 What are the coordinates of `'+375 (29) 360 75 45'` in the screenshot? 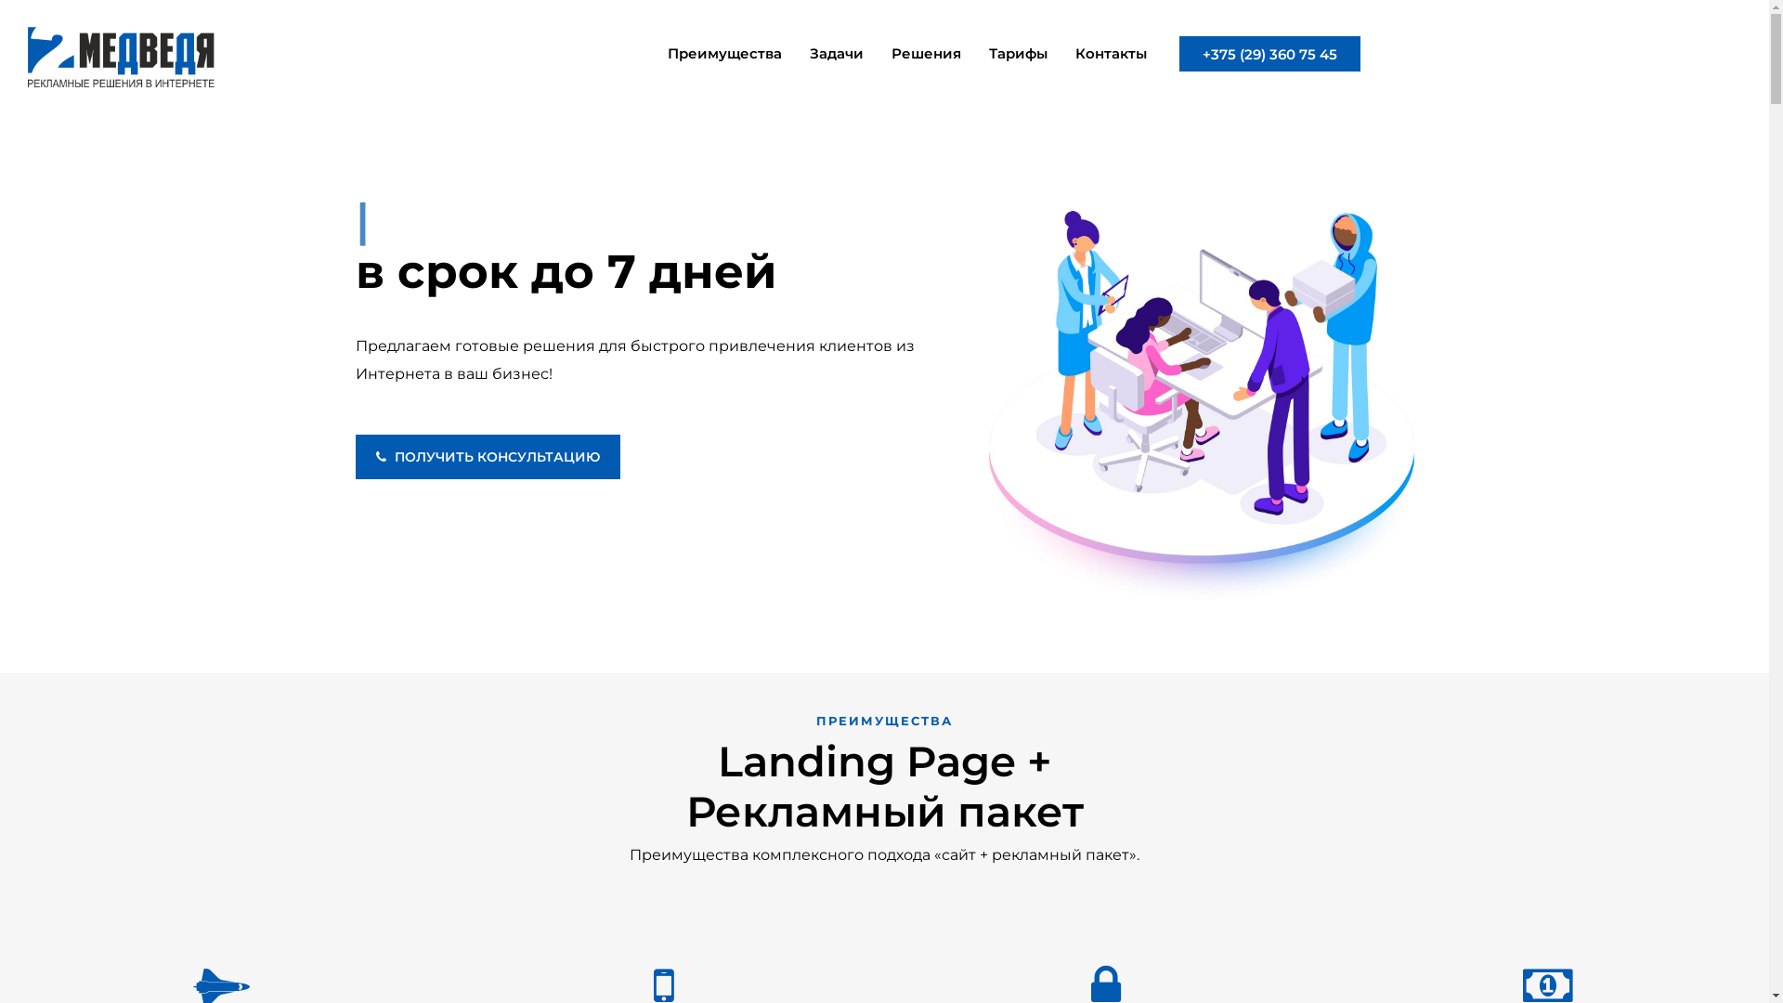 It's located at (1269, 52).